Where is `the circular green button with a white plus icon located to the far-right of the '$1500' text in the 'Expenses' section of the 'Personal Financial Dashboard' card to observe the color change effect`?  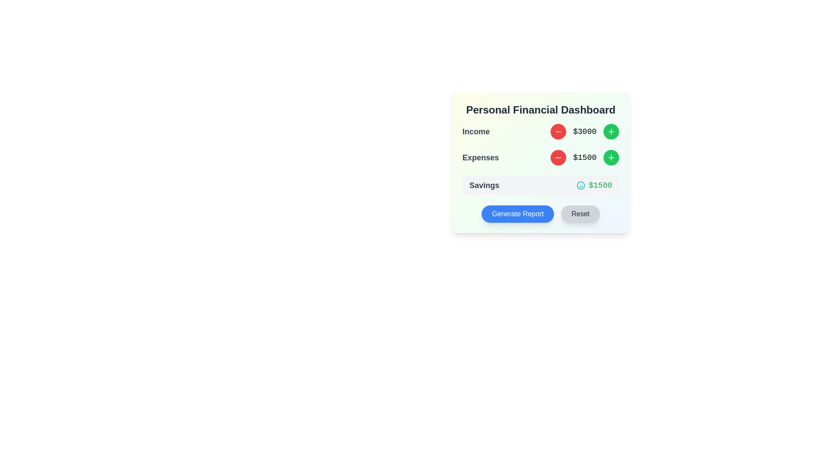 the circular green button with a white plus icon located to the far-right of the '$1500' text in the 'Expenses' section of the 'Personal Financial Dashboard' card to observe the color change effect is located at coordinates (611, 157).